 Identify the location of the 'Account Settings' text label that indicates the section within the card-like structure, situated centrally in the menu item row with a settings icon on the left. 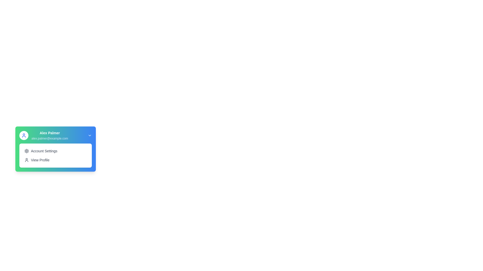
(44, 151).